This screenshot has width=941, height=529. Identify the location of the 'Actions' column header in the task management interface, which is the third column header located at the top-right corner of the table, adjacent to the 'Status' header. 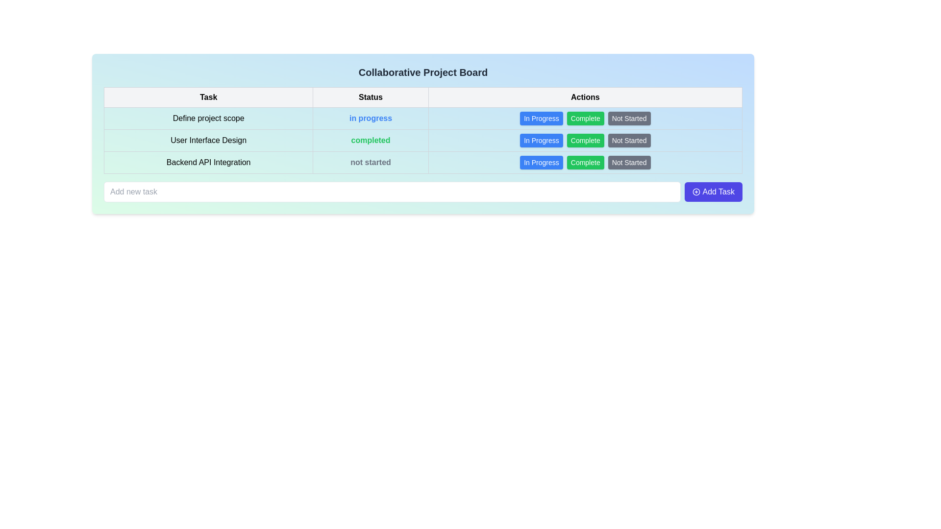
(585, 97).